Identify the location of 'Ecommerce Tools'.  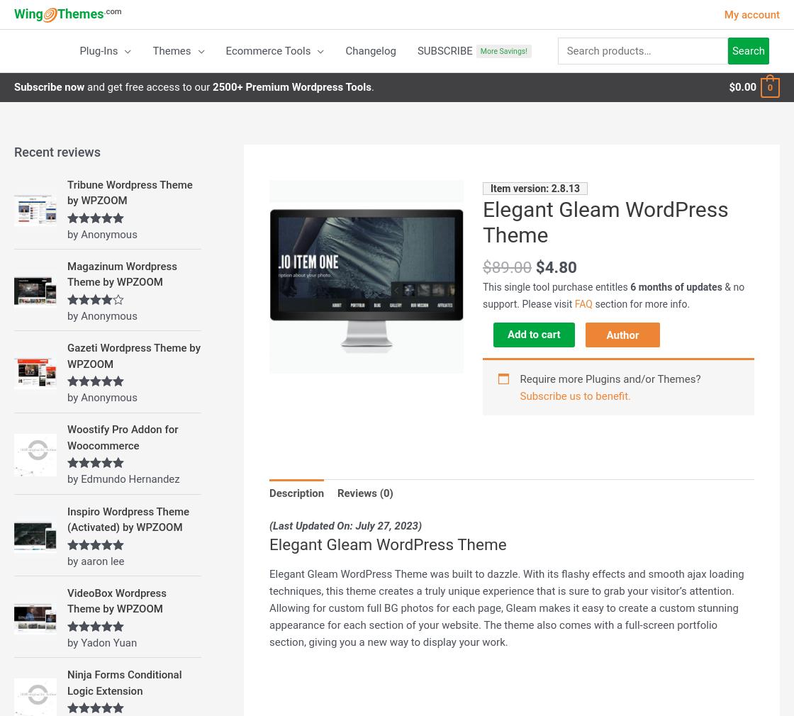
(268, 50).